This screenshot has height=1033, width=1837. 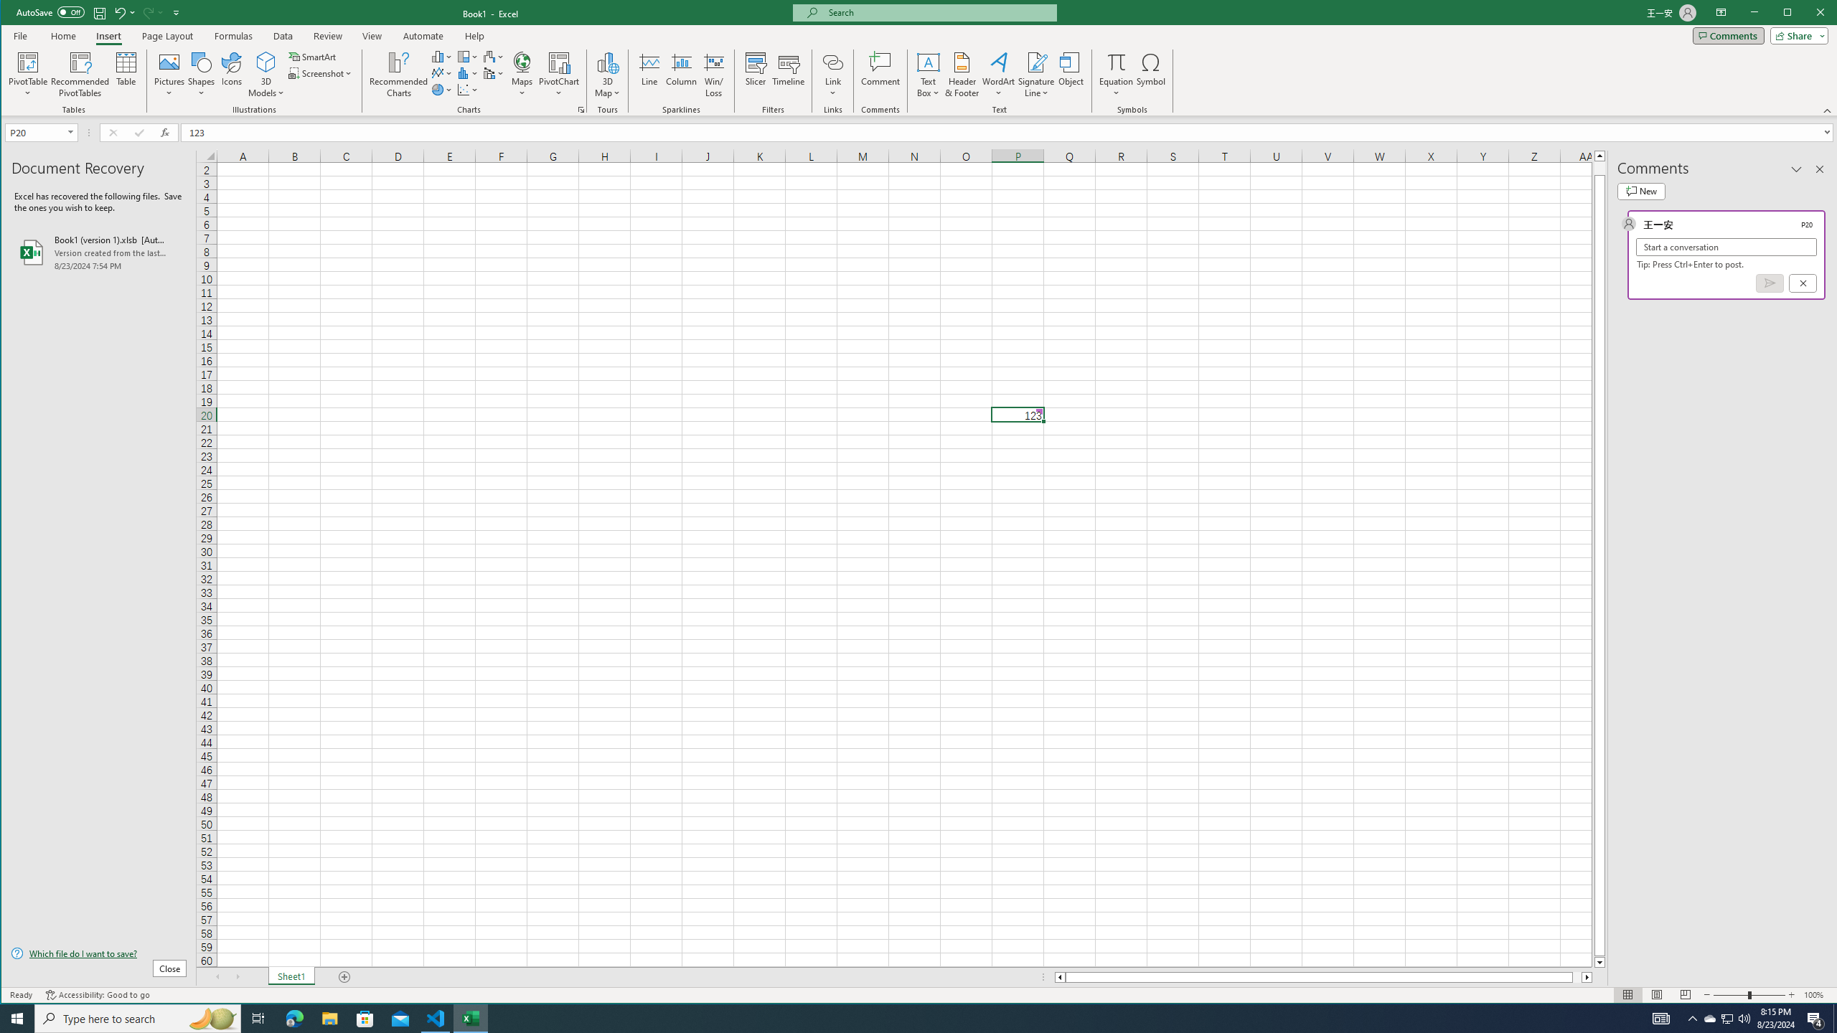 I want to click on 'Recommended PivotTables', so click(x=80, y=74).